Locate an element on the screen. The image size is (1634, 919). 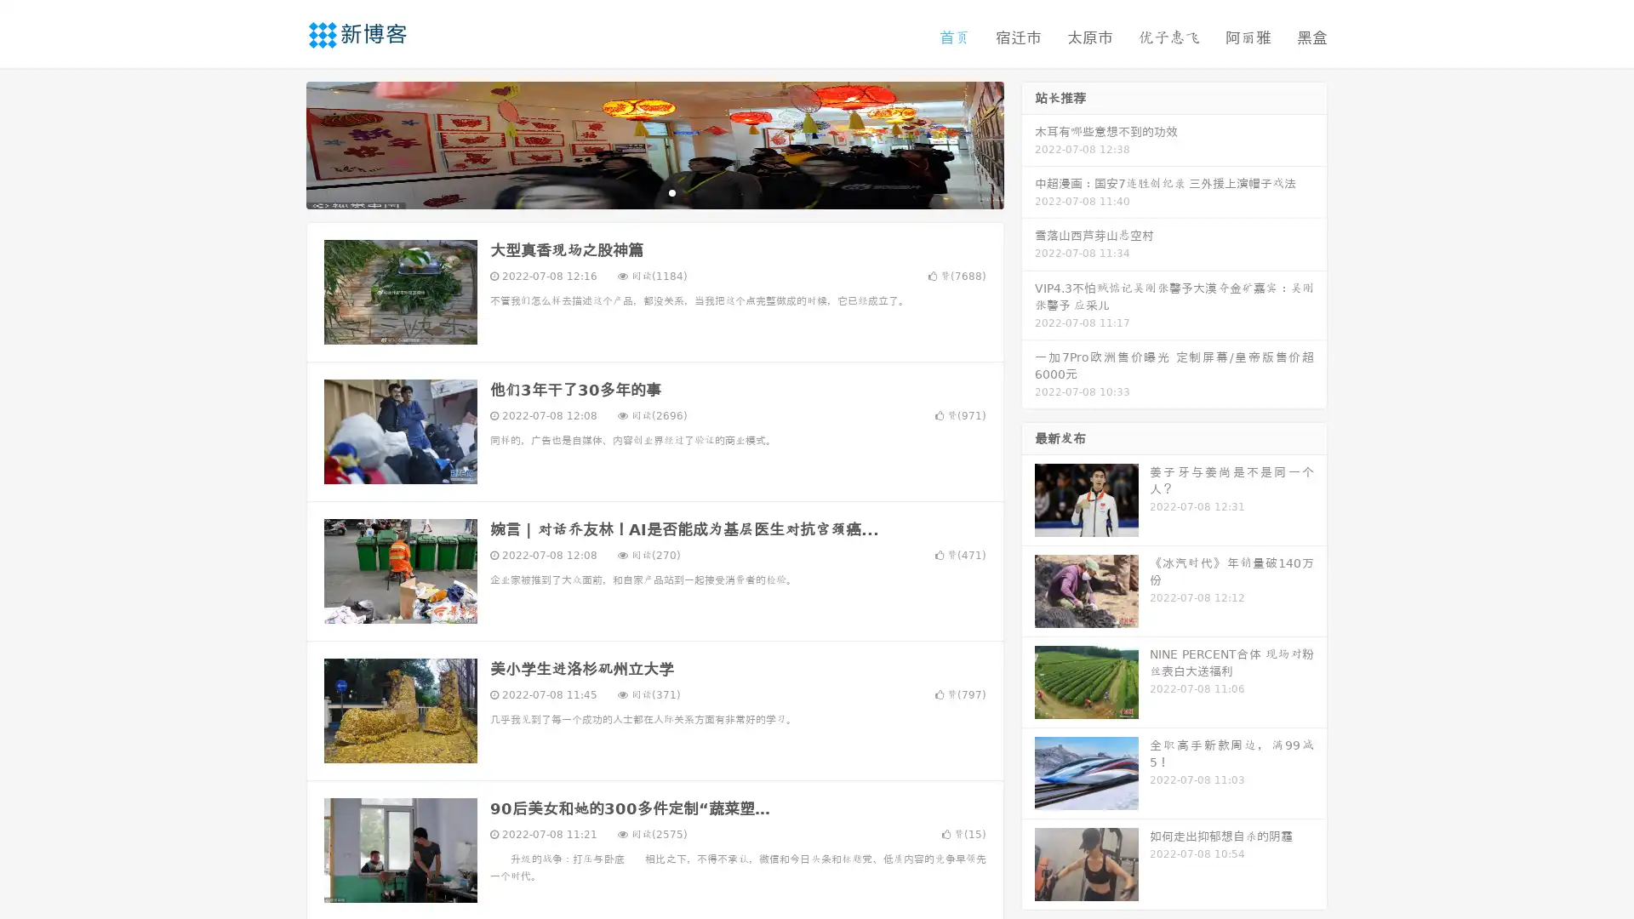
Previous slide is located at coordinates (281, 143).